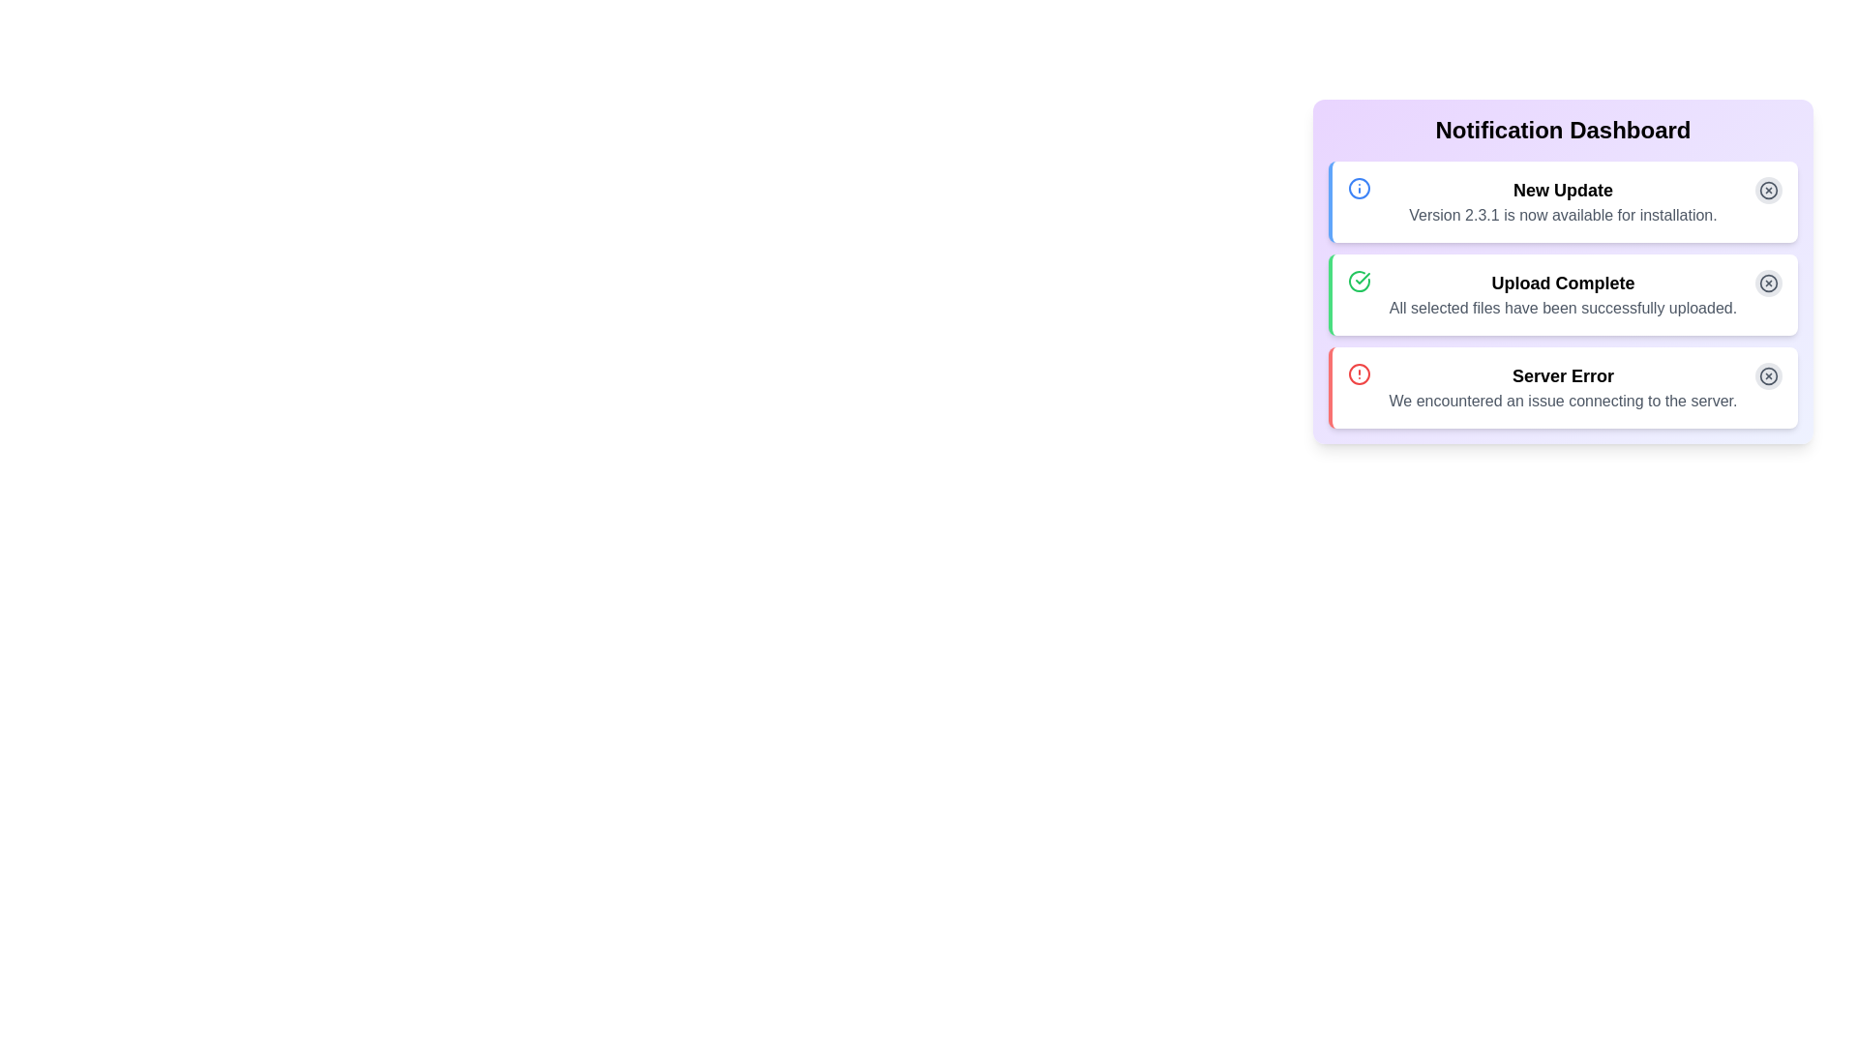 This screenshot has height=1045, width=1858. I want to click on the SVG Circle that serves as the boundary of the crossed-circle icon in the 'Server Error' notification, located at the bottom of the notification list, so click(1769, 376).